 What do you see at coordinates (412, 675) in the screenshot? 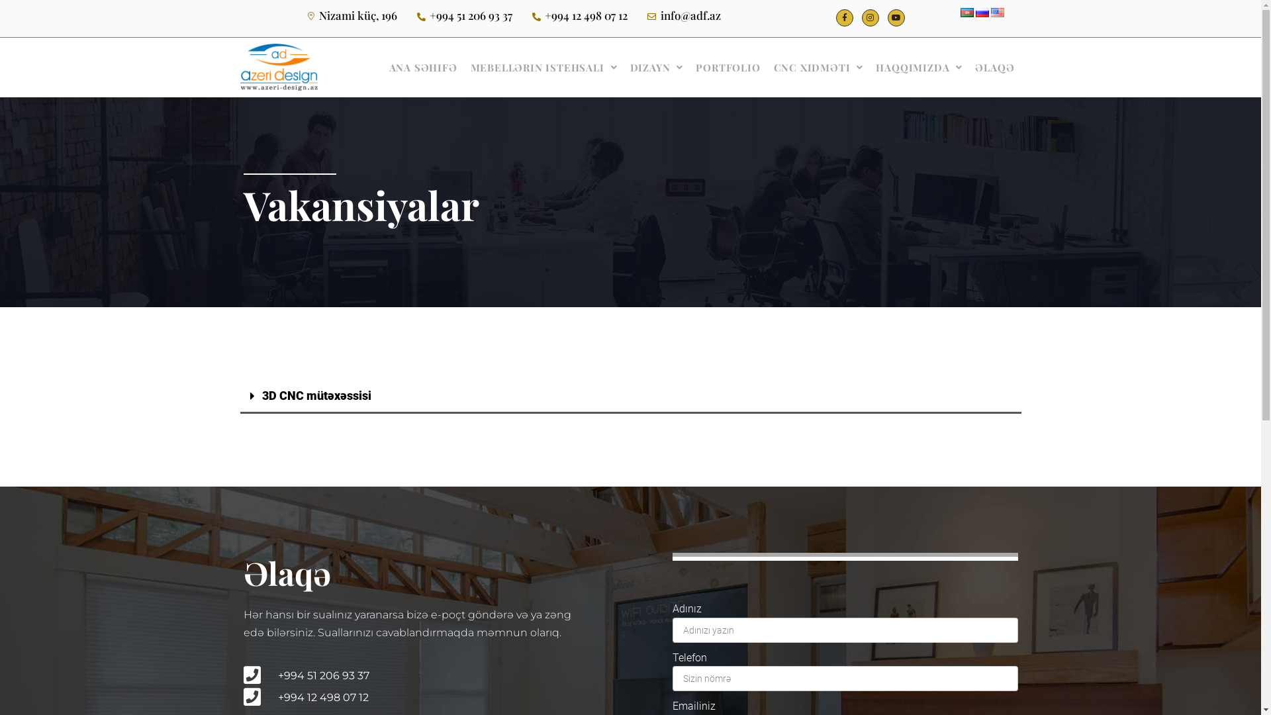
I see `'+994 51 206 93 37'` at bounding box center [412, 675].